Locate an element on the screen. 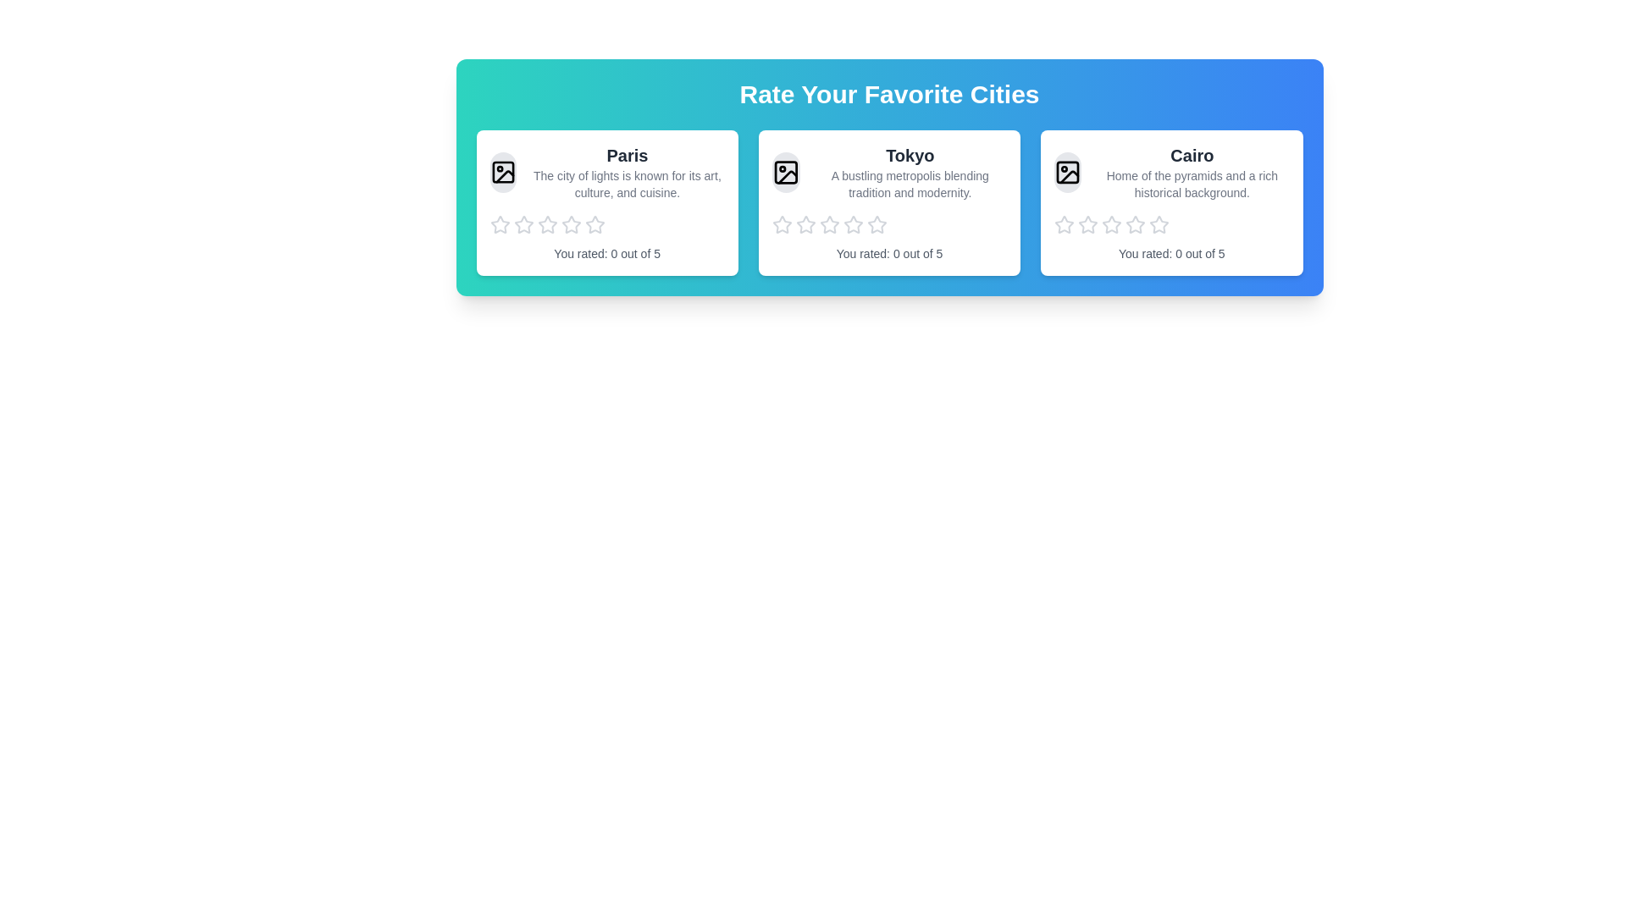 The width and height of the screenshot is (1626, 914). the decorative rectangle component that enhances the visual appearance of the 'Paris' card, located at the top left of the card is located at coordinates (502, 173).